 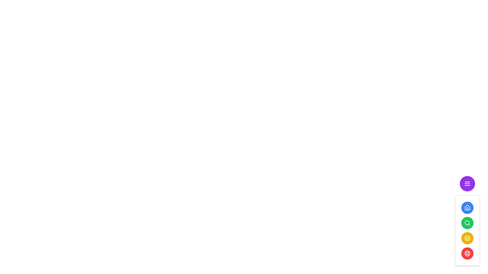 I want to click on the search icon button, which is a green circular button with a white magnifying glass icon, the second button from the top in a vertical stack of buttons on the right side of the interface, to potentially reveal a tooltip or highlight effect, so click(x=467, y=223).